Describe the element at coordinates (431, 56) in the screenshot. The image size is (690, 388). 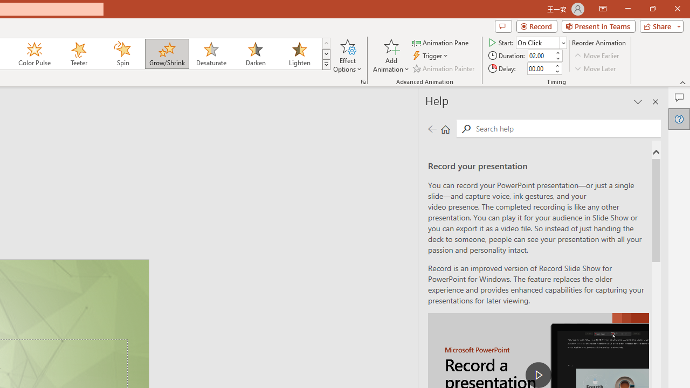
I see `'Trigger'` at that location.